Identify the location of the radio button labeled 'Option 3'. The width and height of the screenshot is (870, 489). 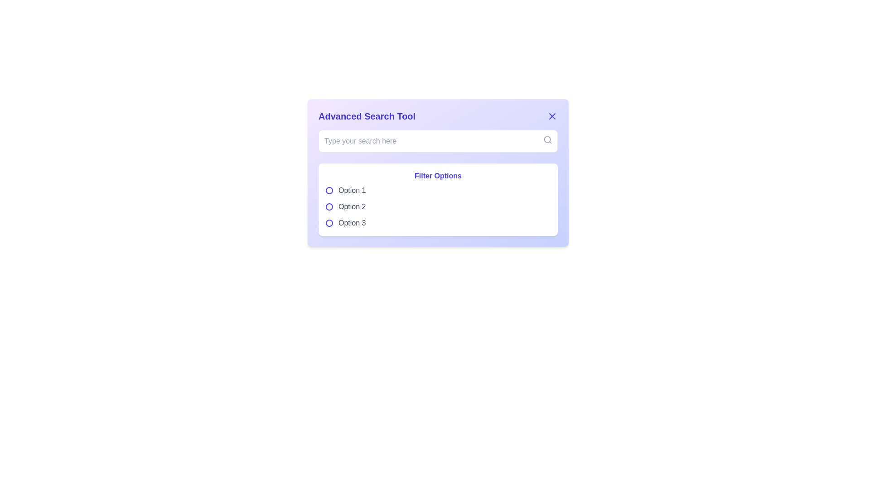
(438, 223).